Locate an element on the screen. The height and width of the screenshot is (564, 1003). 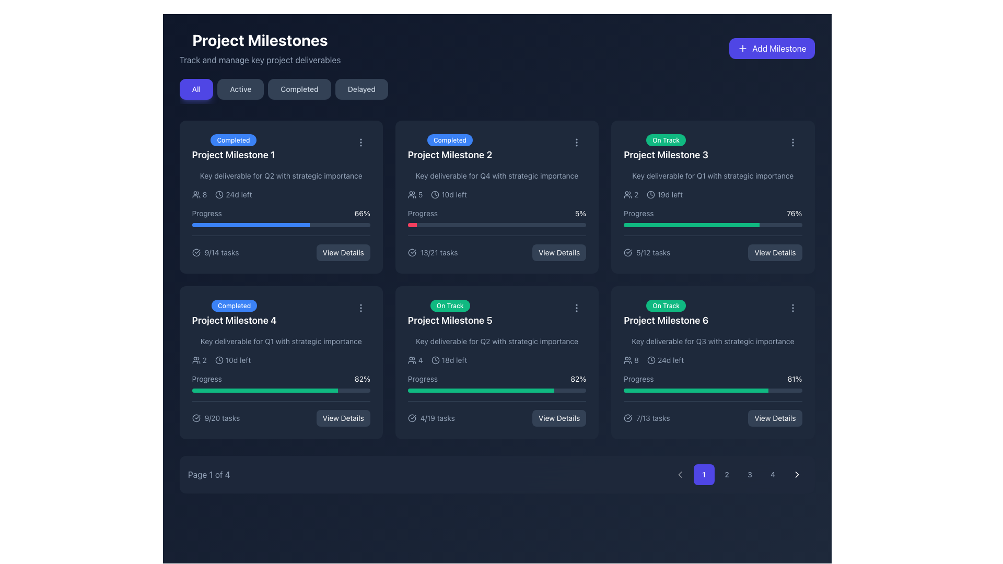
the icon representing a group of two or more people located in the 'Project Milestone 1' card, adjacent to the numerical text '8' is located at coordinates (196, 195).